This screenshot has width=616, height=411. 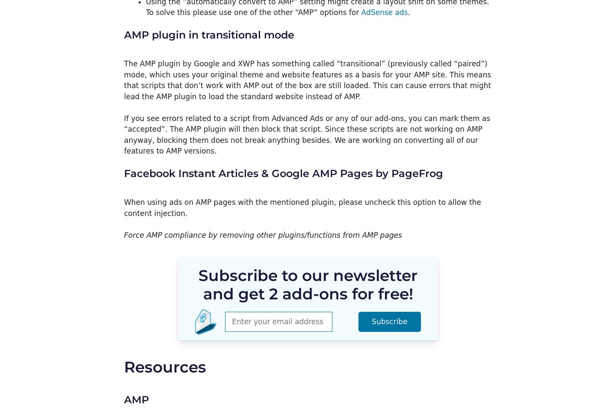 What do you see at coordinates (360, 12) in the screenshot?
I see `'AdSense ads'` at bounding box center [360, 12].